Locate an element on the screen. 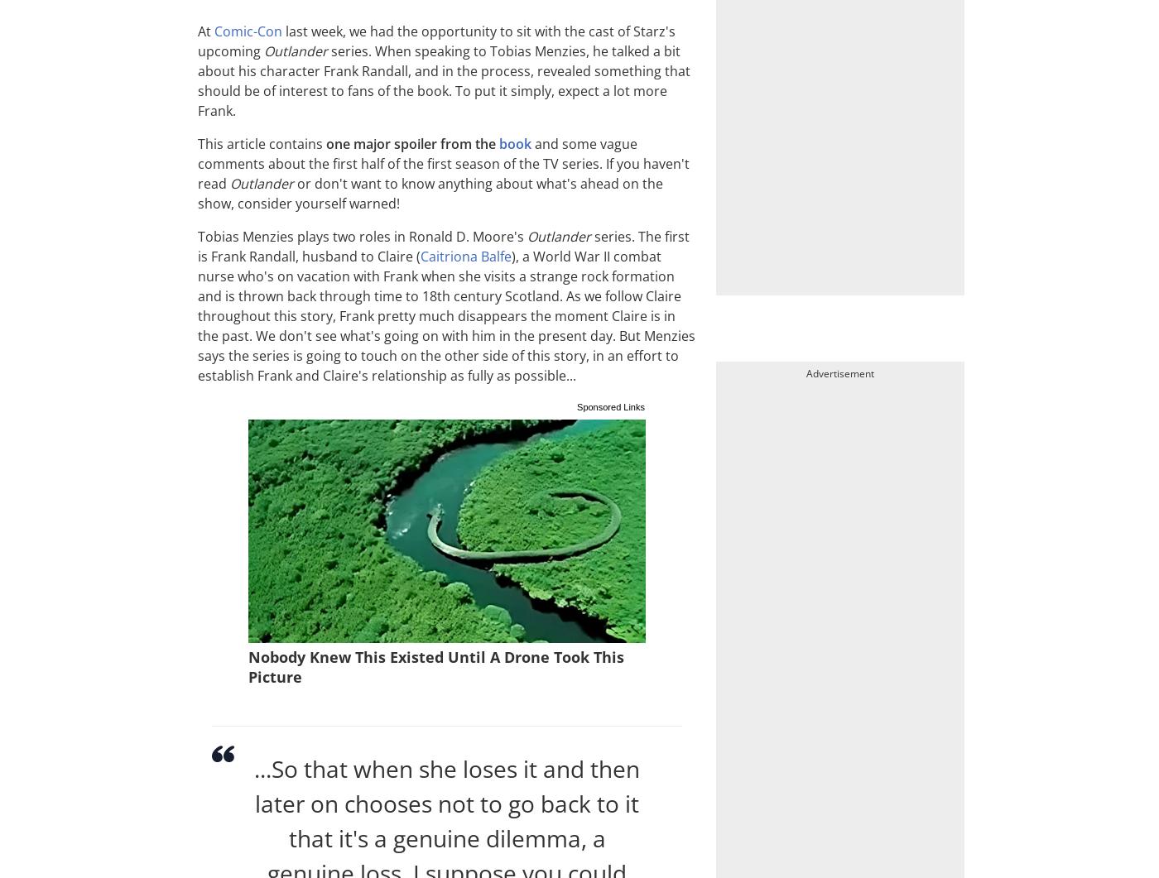 The width and height of the screenshot is (1159, 878). 'At' is located at coordinates (206, 31).